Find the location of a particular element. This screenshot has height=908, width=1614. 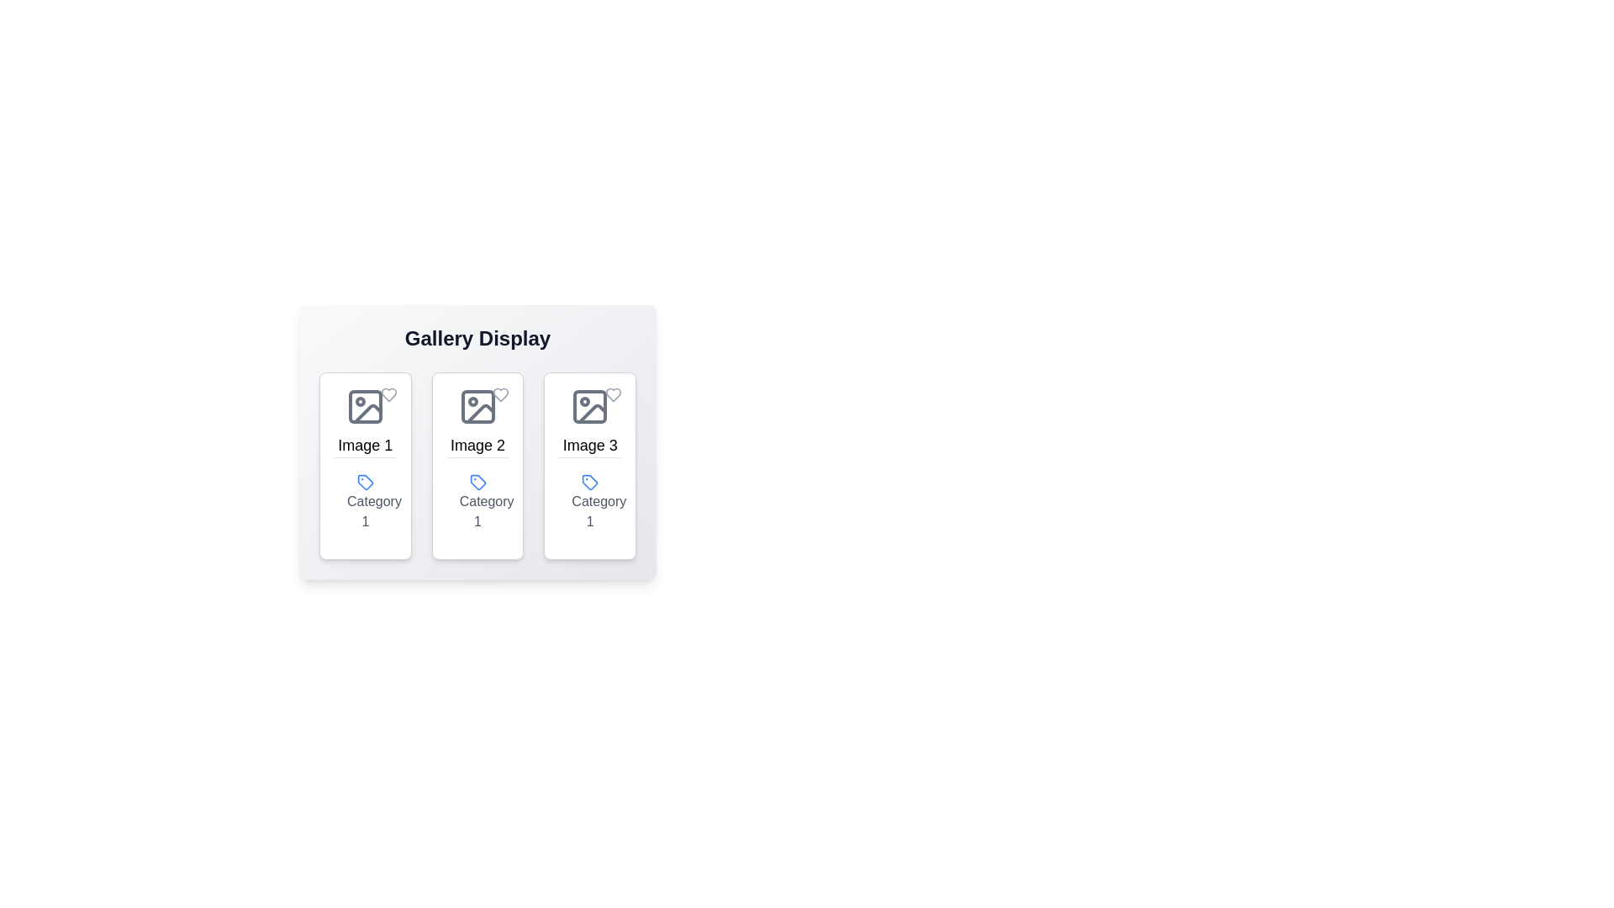

the gray rounded square icon background inside the first graphical card titled 'Image 1' in the gallery is located at coordinates (364, 406).